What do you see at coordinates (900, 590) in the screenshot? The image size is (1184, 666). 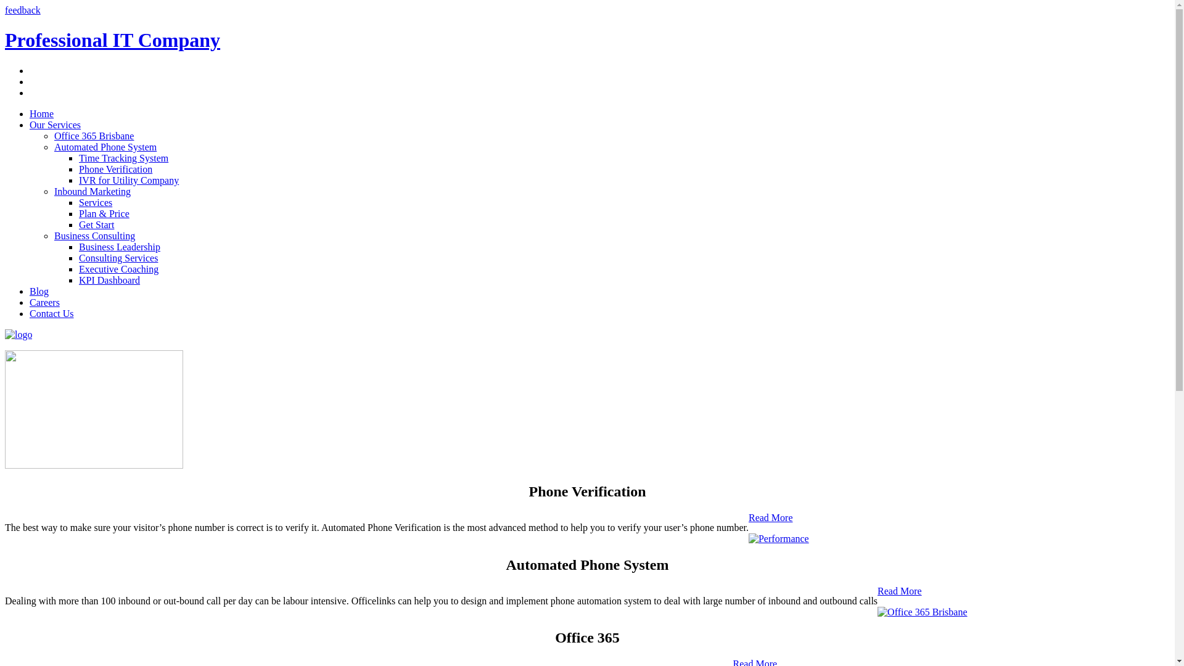 I see `'Read More'` at bounding box center [900, 590].